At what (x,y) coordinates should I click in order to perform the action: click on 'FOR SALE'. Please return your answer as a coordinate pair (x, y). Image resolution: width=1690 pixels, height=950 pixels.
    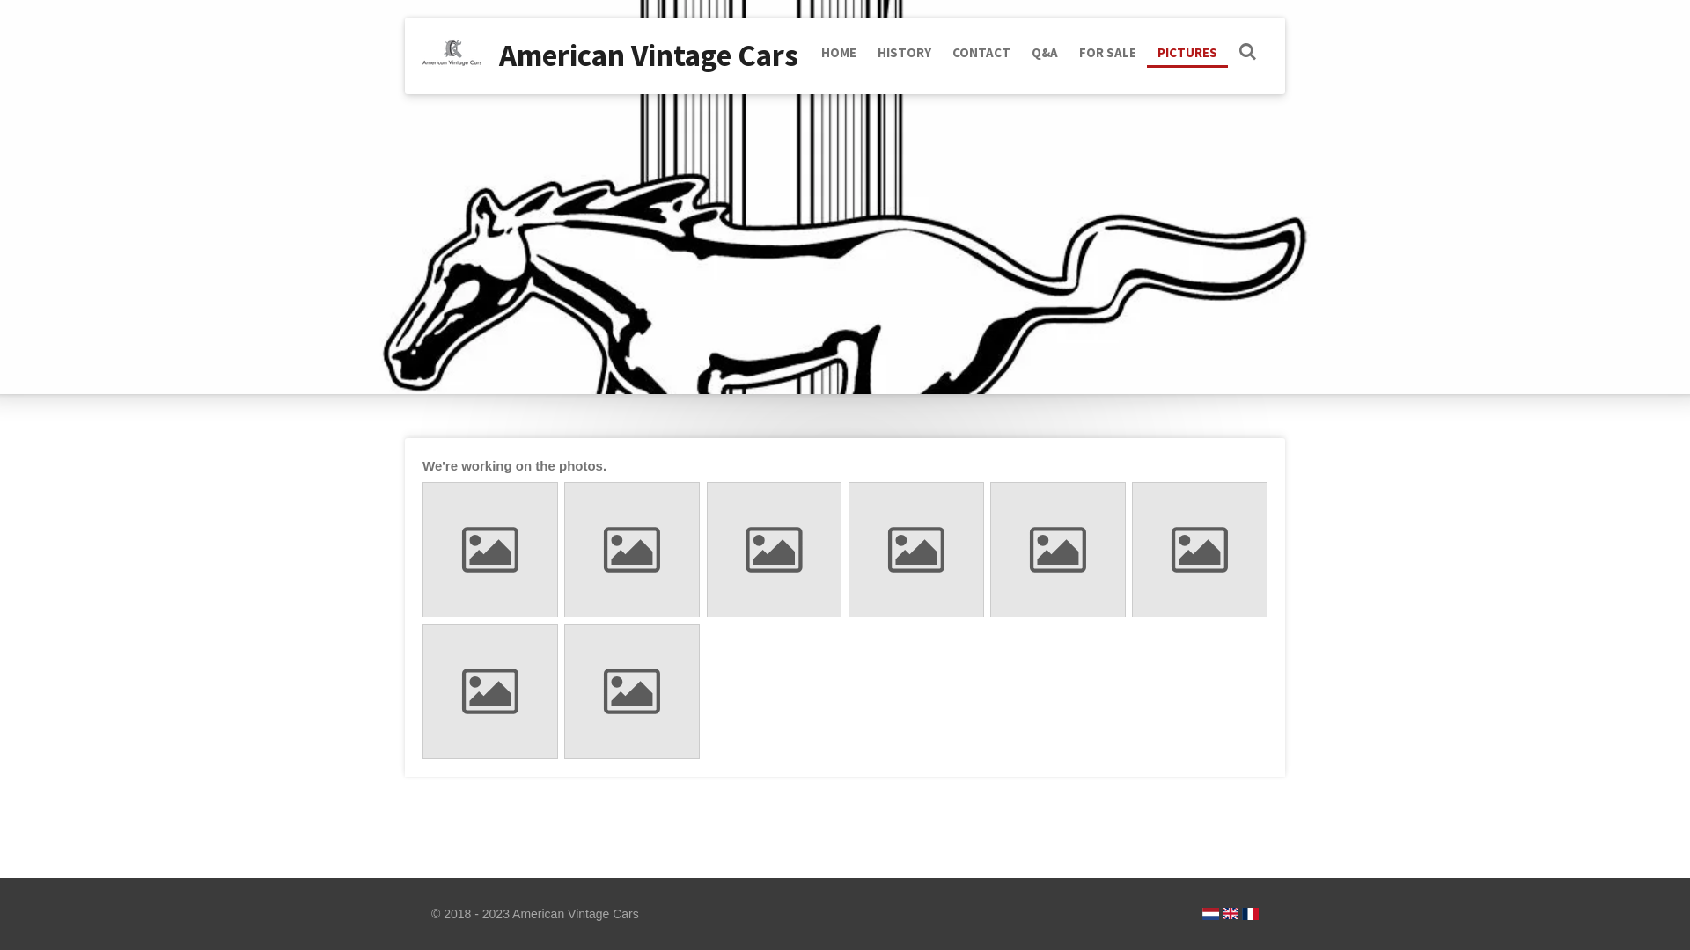
    Looking at the image, I should click on (1106, 52).